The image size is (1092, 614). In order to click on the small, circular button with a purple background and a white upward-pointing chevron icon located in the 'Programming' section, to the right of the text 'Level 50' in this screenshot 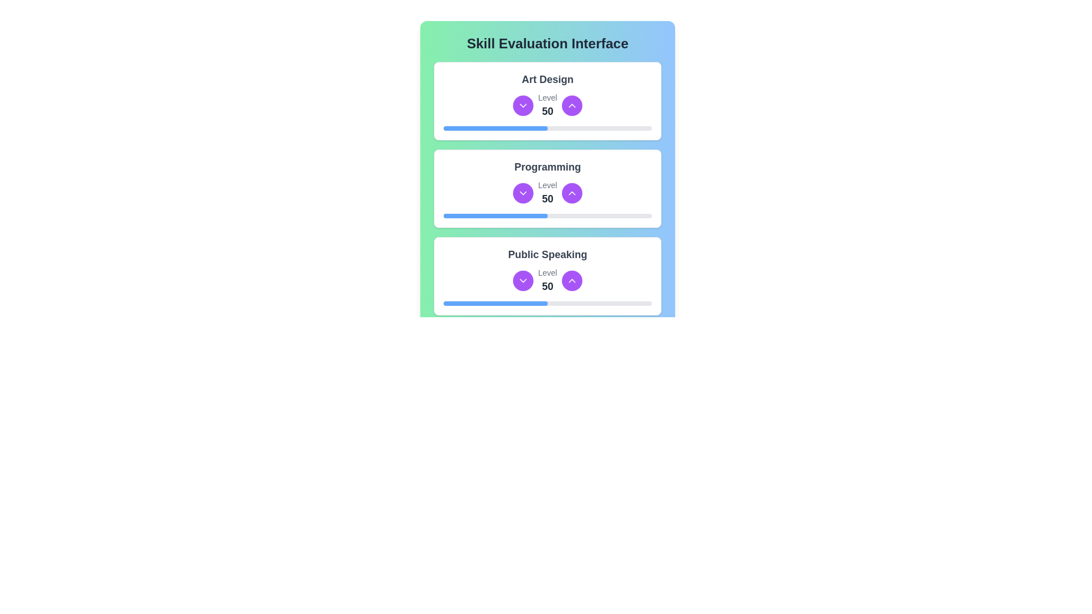, I will do `click(572, 192)`.